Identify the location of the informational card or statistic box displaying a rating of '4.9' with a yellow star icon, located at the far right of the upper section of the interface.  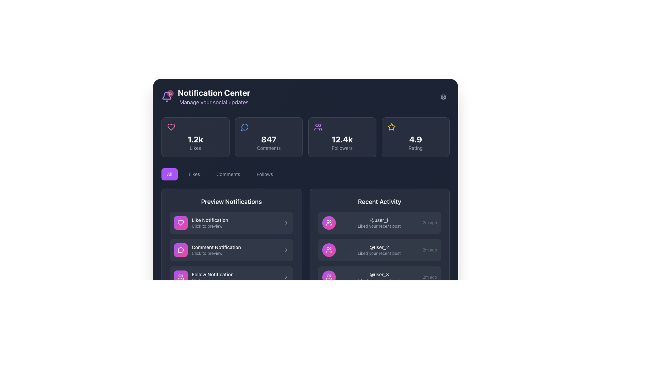
(415, 137).